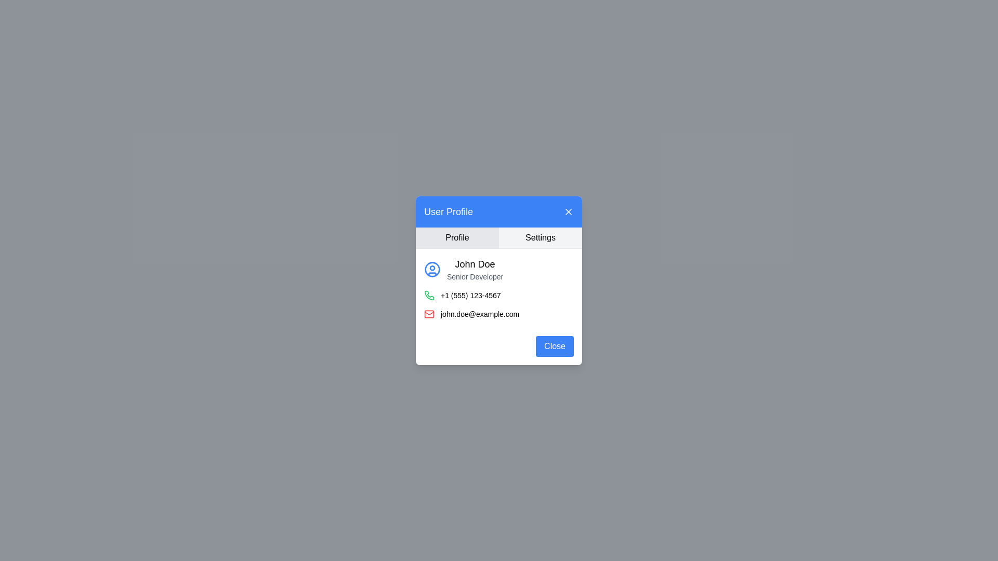  Describe the element at coordinates (429, 312) in the screenshot. I see `the envelope icon which is a decorative part of the email contact option in the profile display window` at that location.